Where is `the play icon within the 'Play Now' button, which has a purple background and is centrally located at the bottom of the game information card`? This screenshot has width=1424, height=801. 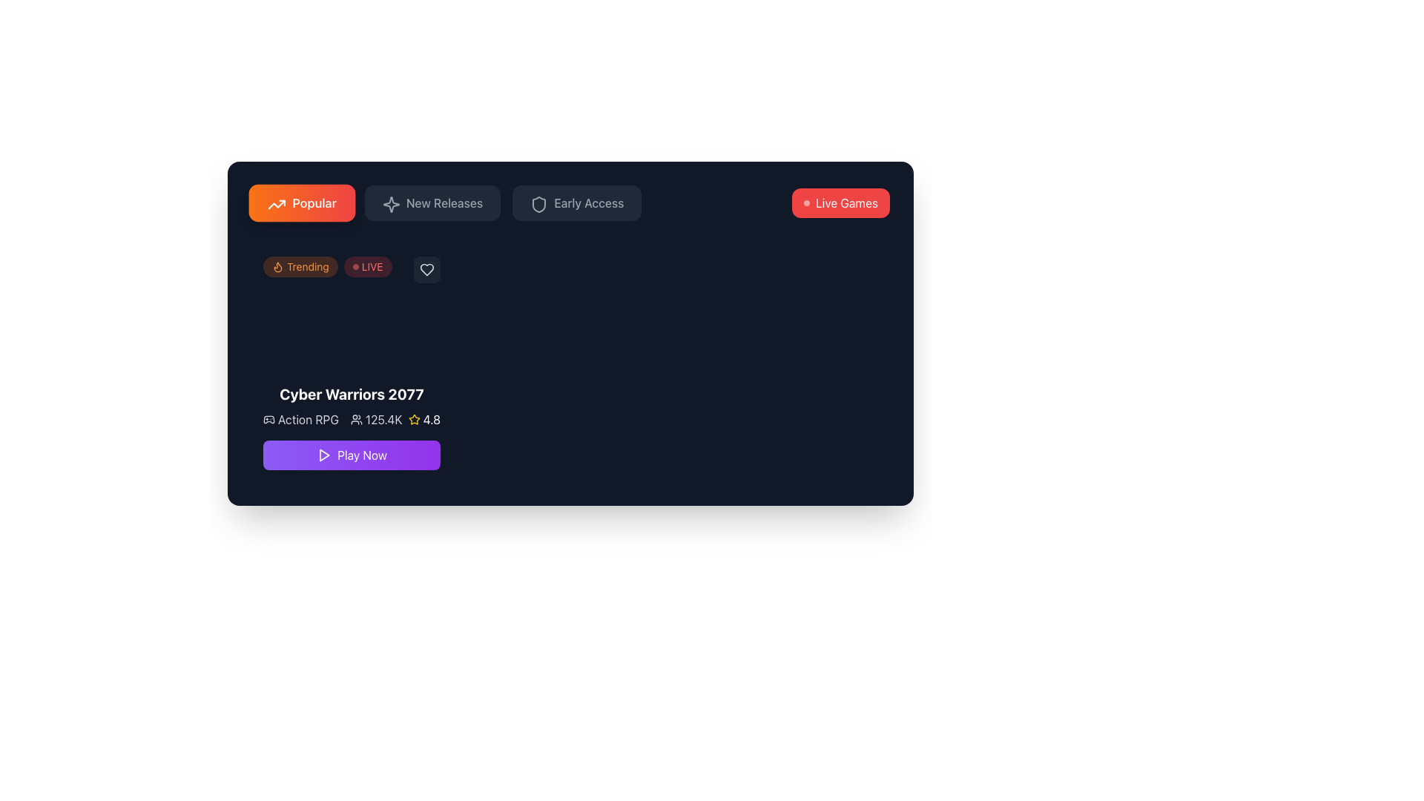
the play icon within the 'Play Now' button, which has a purple background and is centrally located at the bottom of the game information card is located at coordinates (323, 454).